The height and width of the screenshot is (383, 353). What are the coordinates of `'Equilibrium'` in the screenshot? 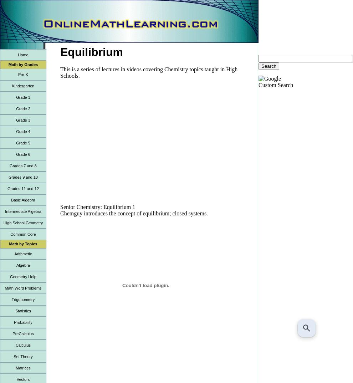 It's located at (92, 51).